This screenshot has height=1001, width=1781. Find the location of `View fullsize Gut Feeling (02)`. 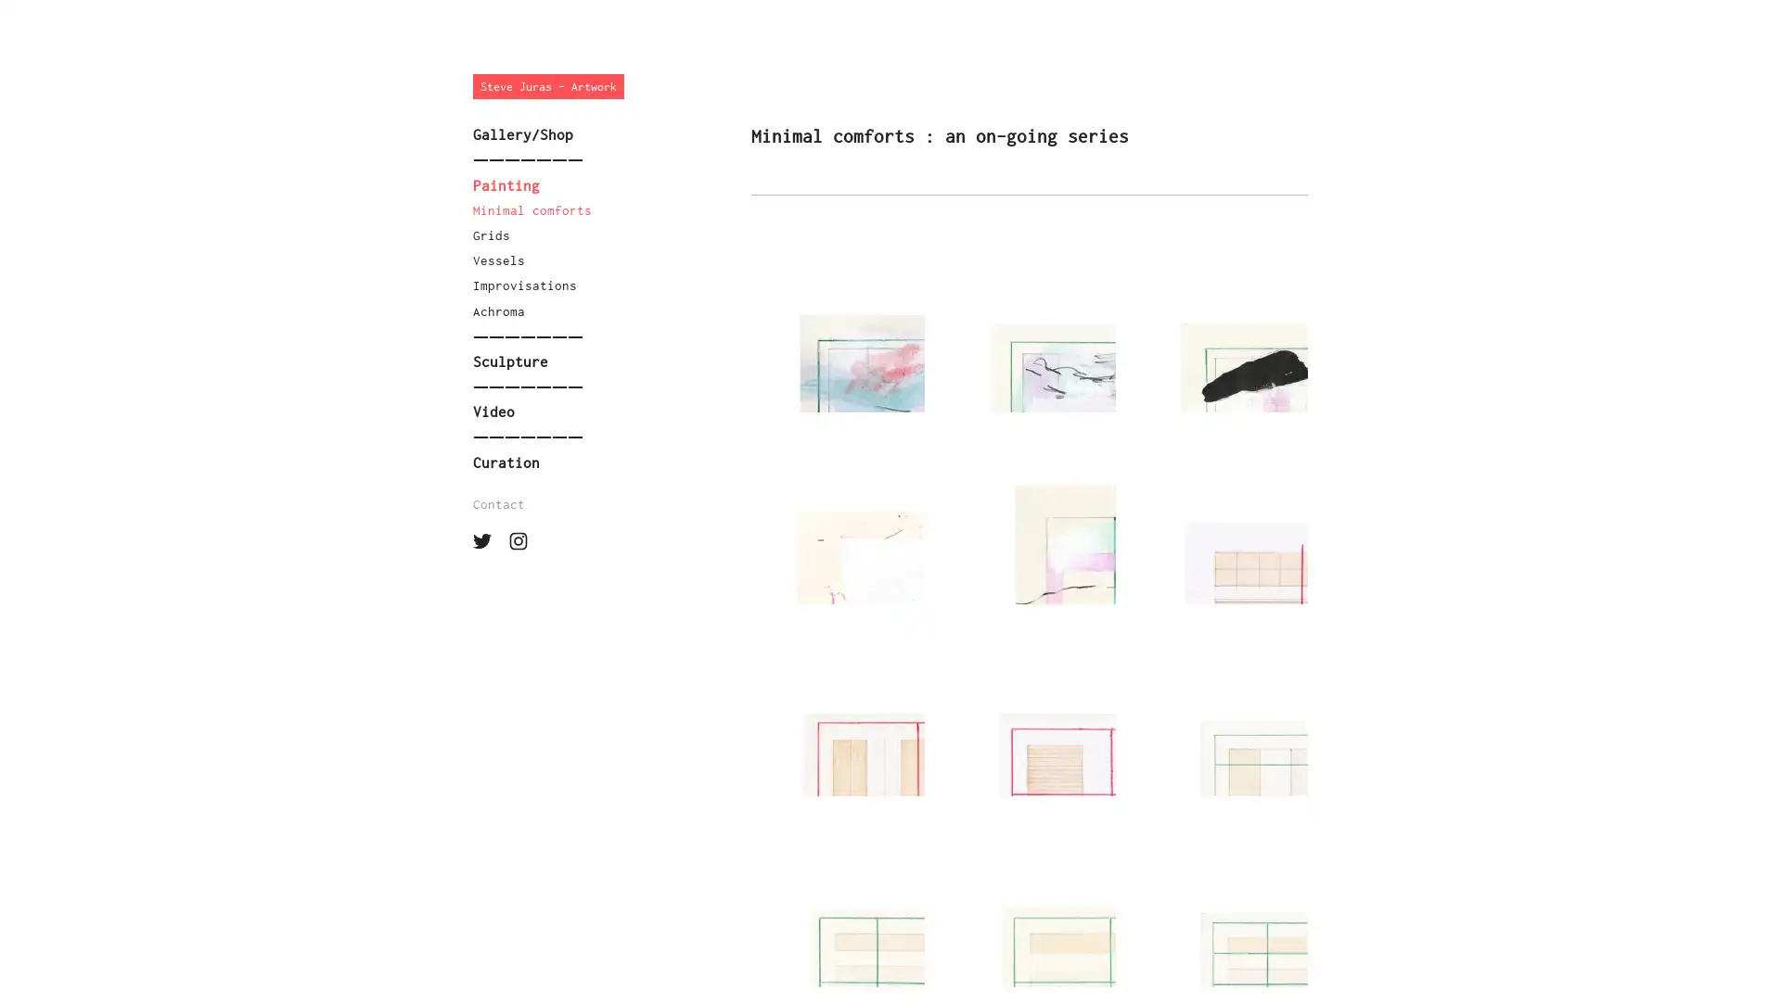

View fullsize Gut Feeling (02) is located at coordinates (836, 324).